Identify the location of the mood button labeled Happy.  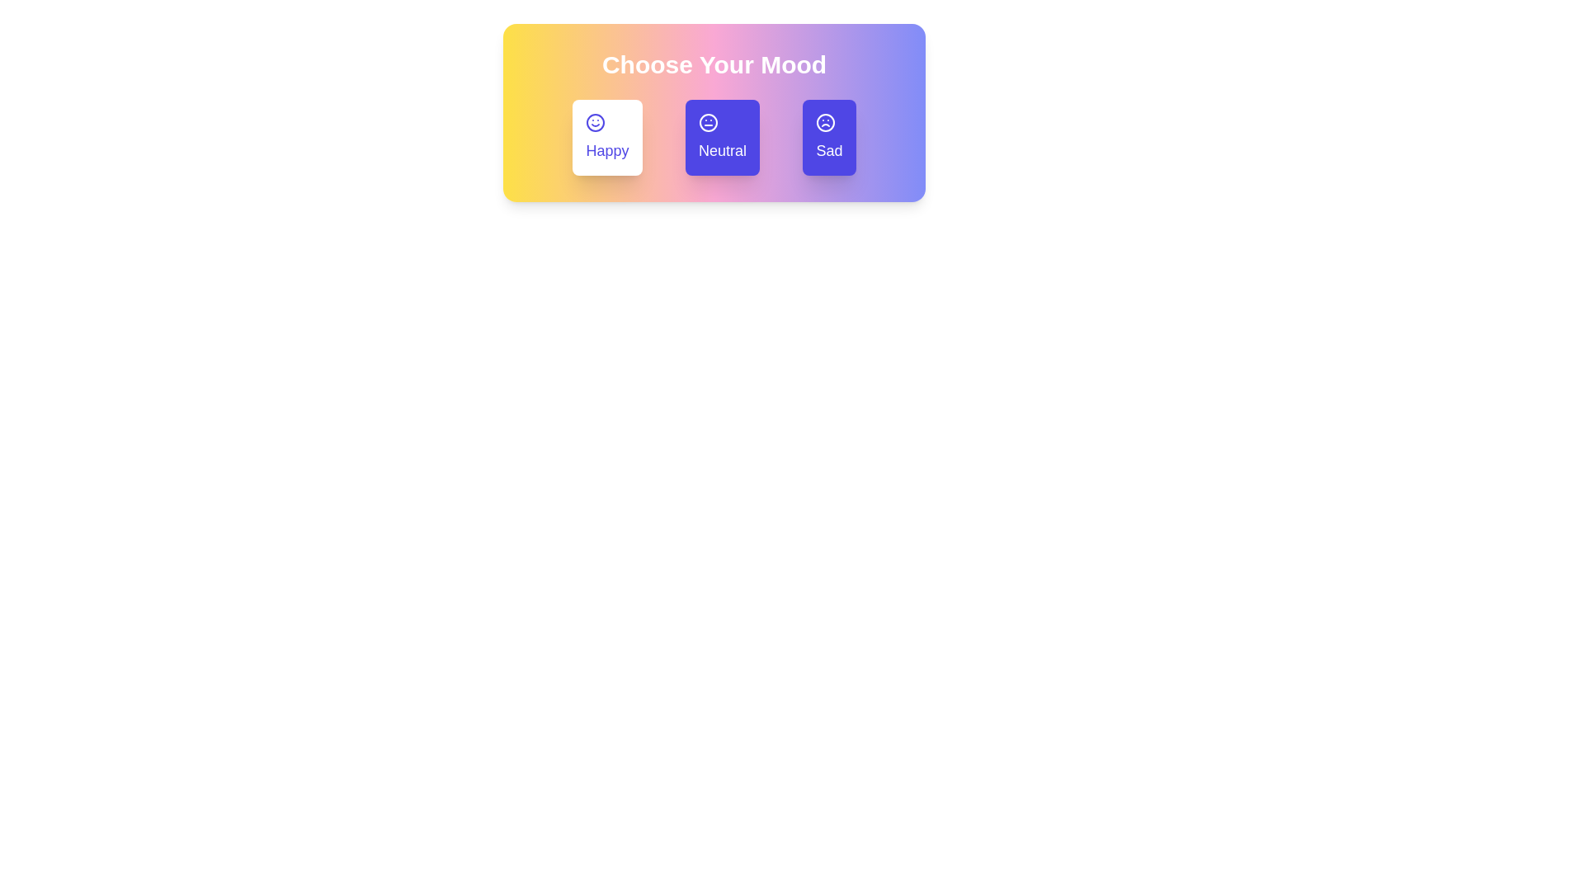
(606, 136).